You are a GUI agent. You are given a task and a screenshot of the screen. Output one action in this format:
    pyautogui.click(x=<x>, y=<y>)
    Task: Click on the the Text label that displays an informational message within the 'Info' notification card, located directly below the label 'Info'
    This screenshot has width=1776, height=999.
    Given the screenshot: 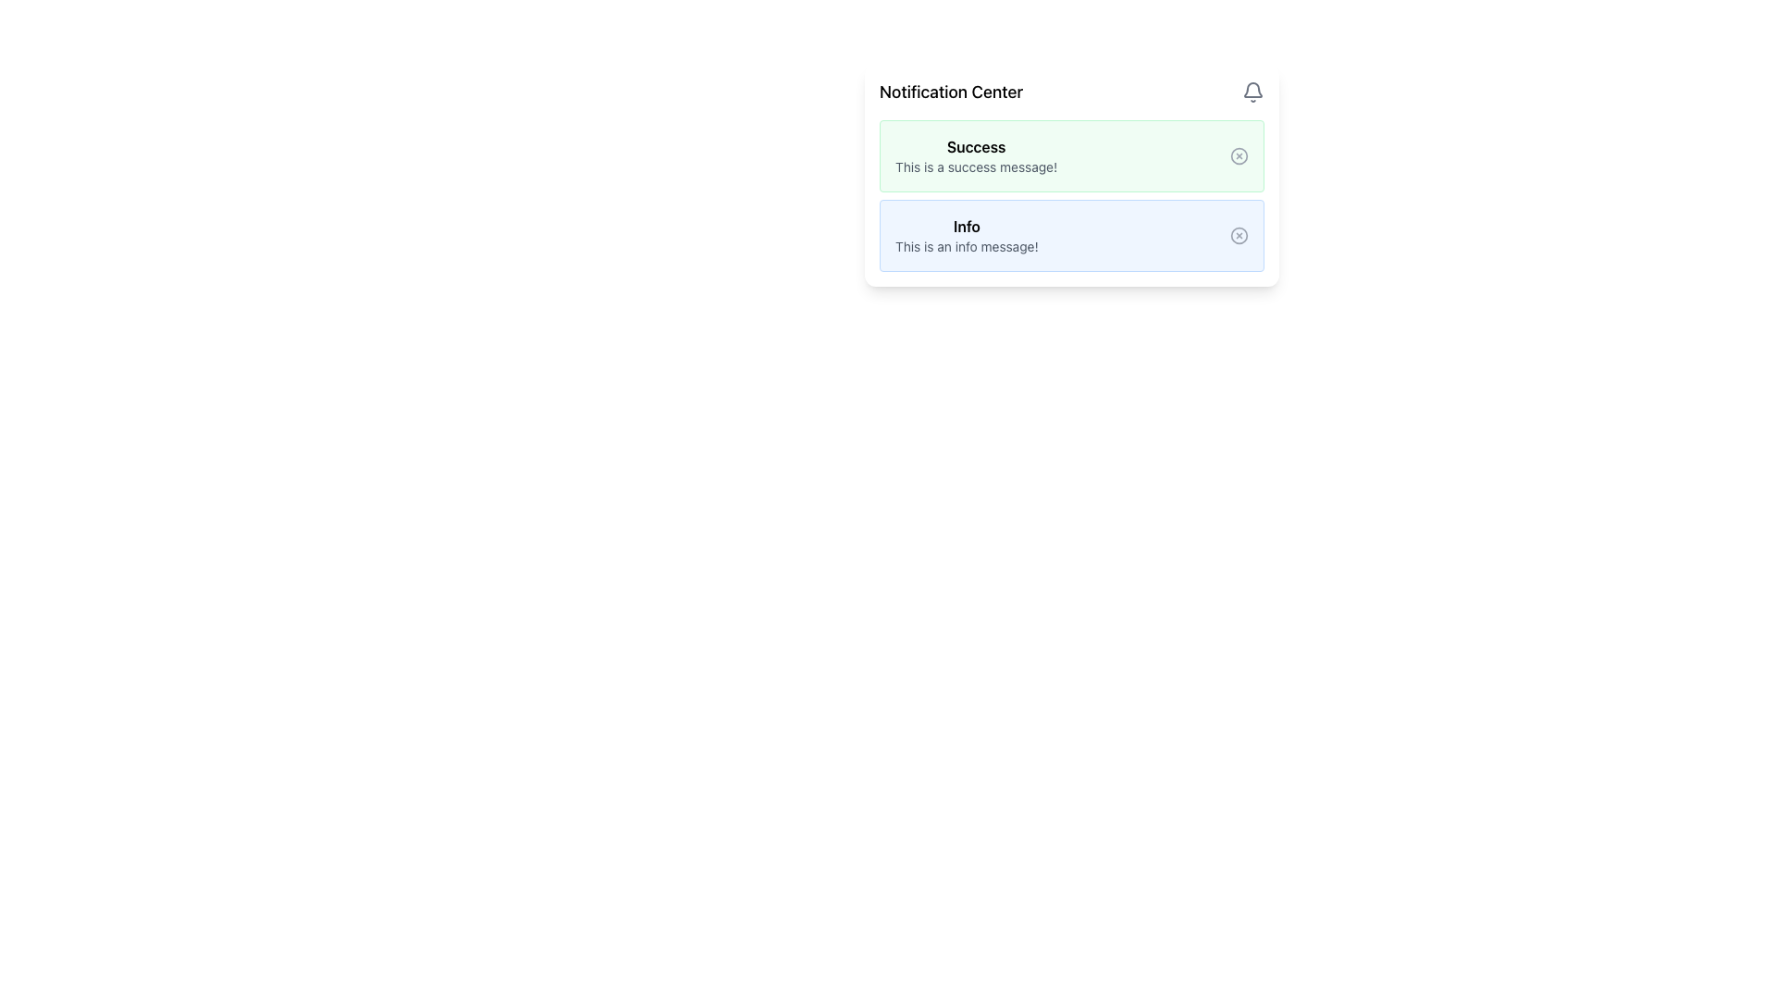 What is the action you would take?
    pyautogui.click(x=966, y=245)
    